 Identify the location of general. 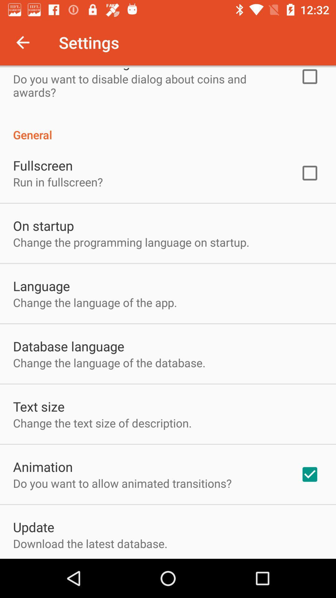
(168, 128).